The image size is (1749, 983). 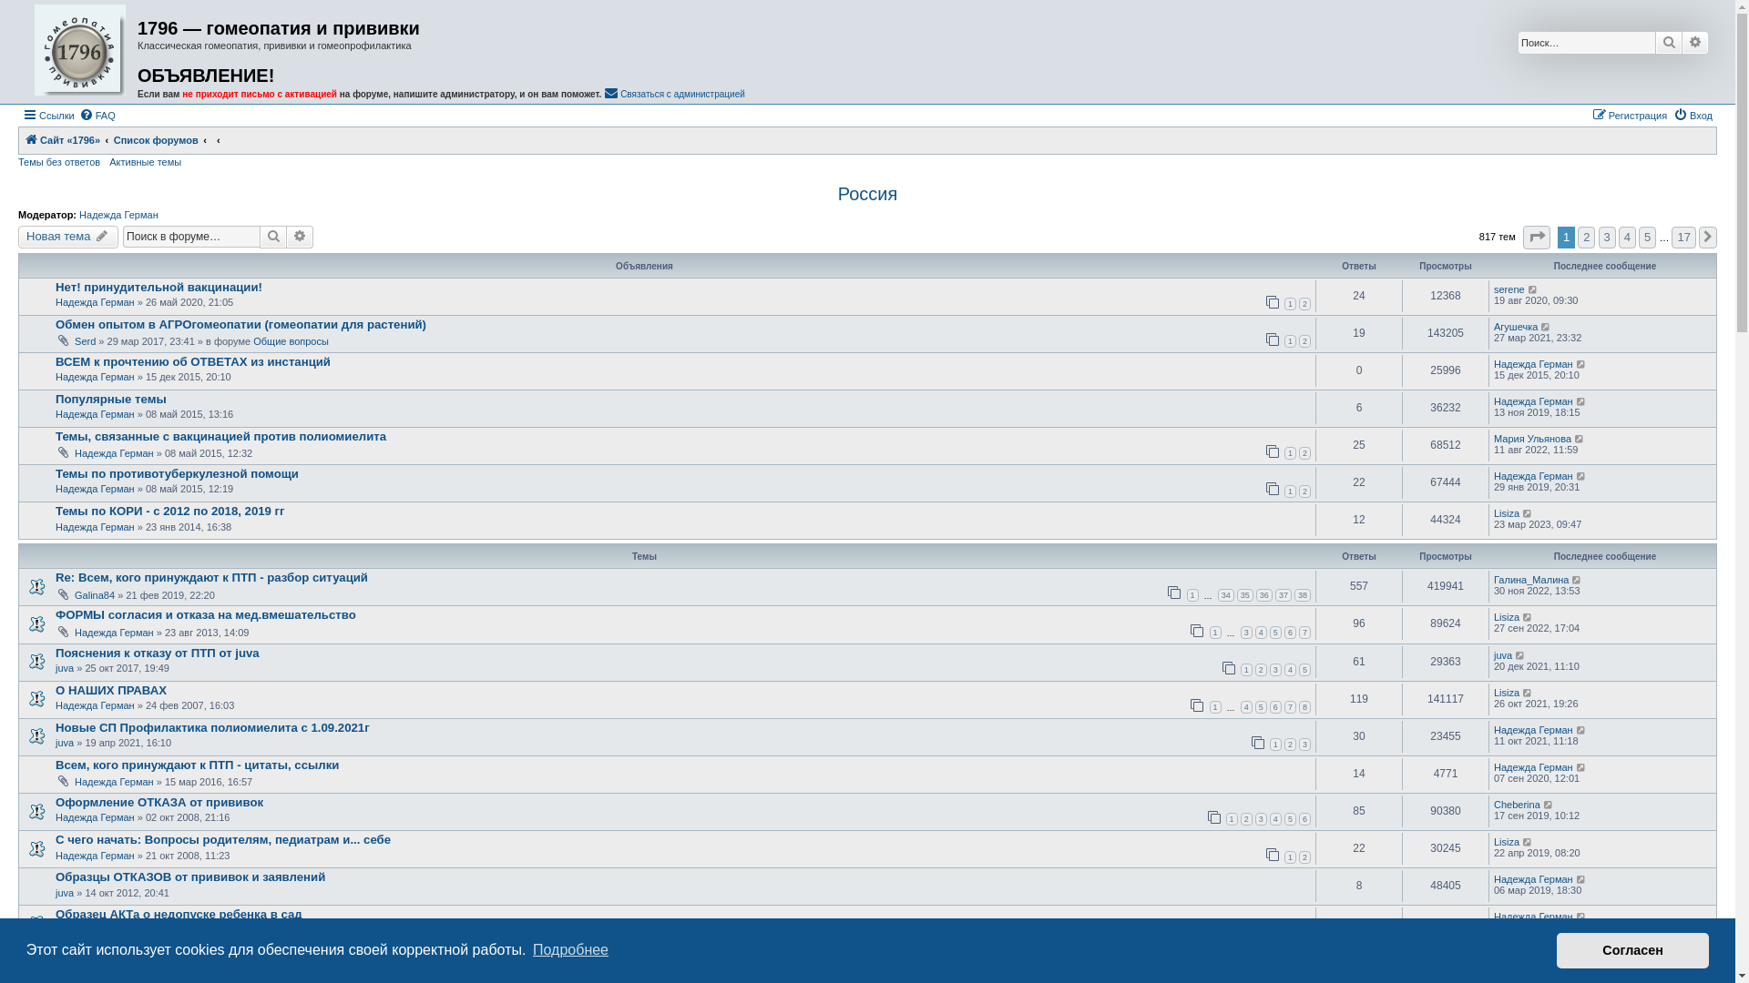 I want to click on '1', so click(x=1284, y=340).